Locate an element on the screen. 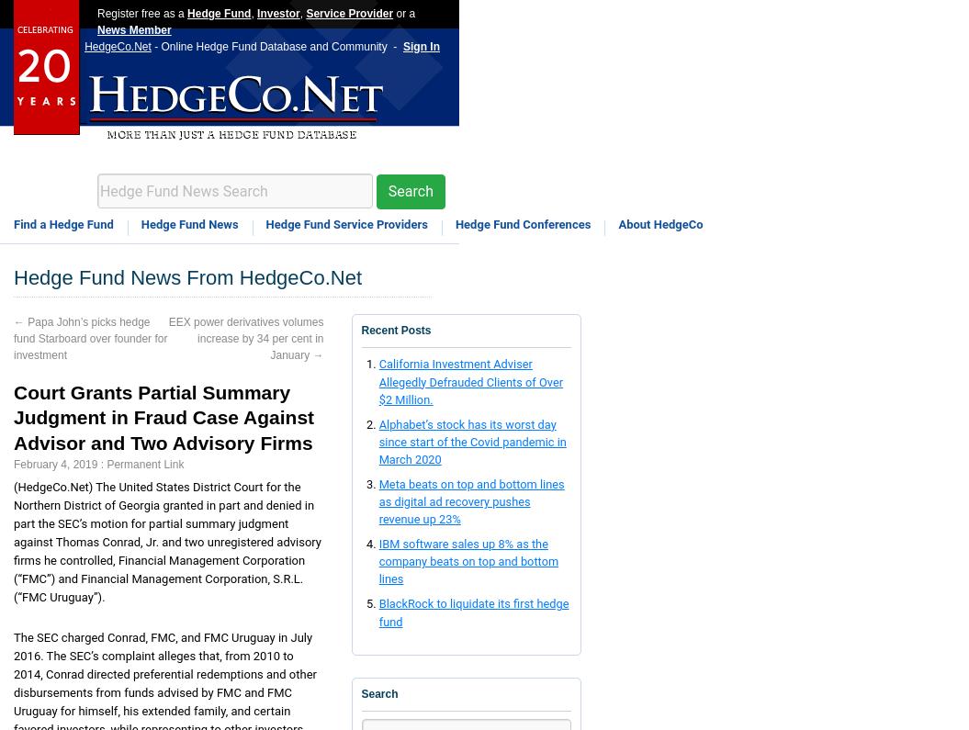 Image resolution: width=969 pixels, height=730 pixels. 'Register free as a' is located at coordinates (141, 13).